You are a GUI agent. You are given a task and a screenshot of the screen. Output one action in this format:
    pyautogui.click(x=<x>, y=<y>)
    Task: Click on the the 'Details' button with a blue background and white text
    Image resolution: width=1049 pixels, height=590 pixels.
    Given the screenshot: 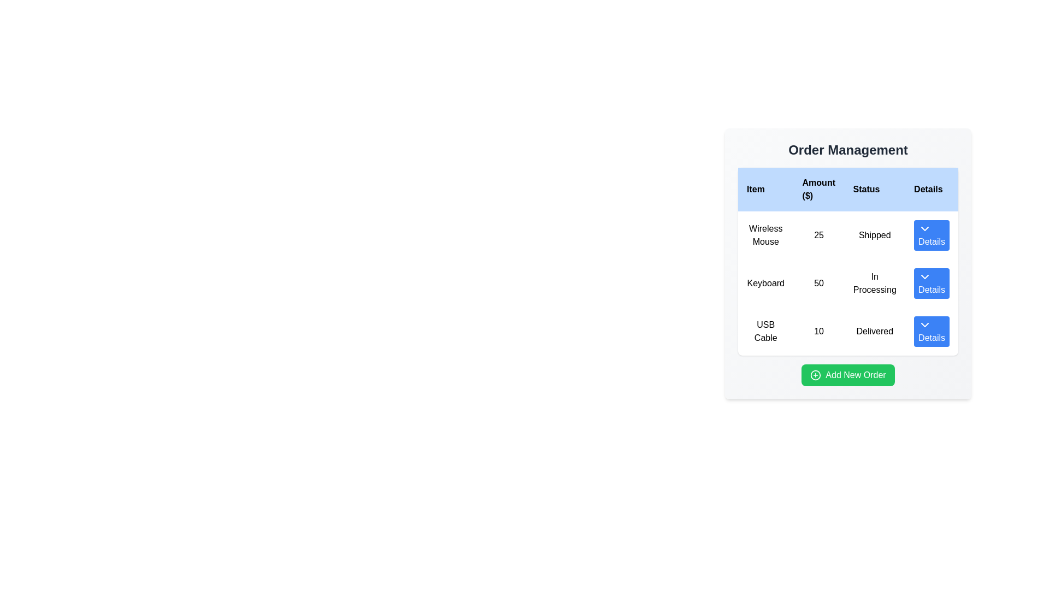 What is the action you would take?
    pyautogui.click(x=930, y=331)
    